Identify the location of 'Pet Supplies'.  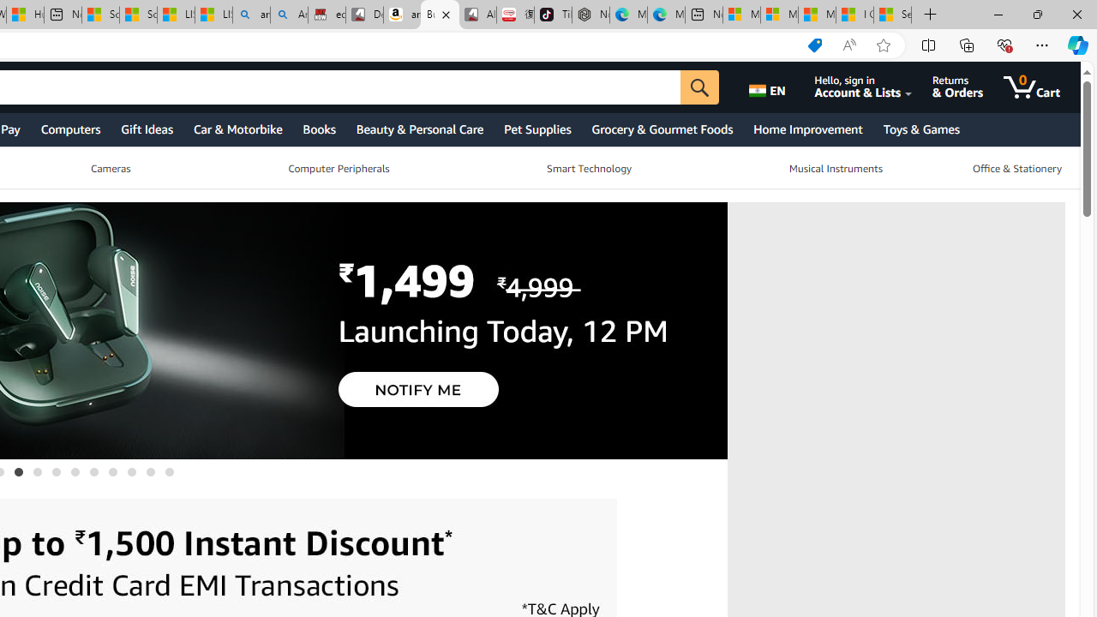
(536, 128).